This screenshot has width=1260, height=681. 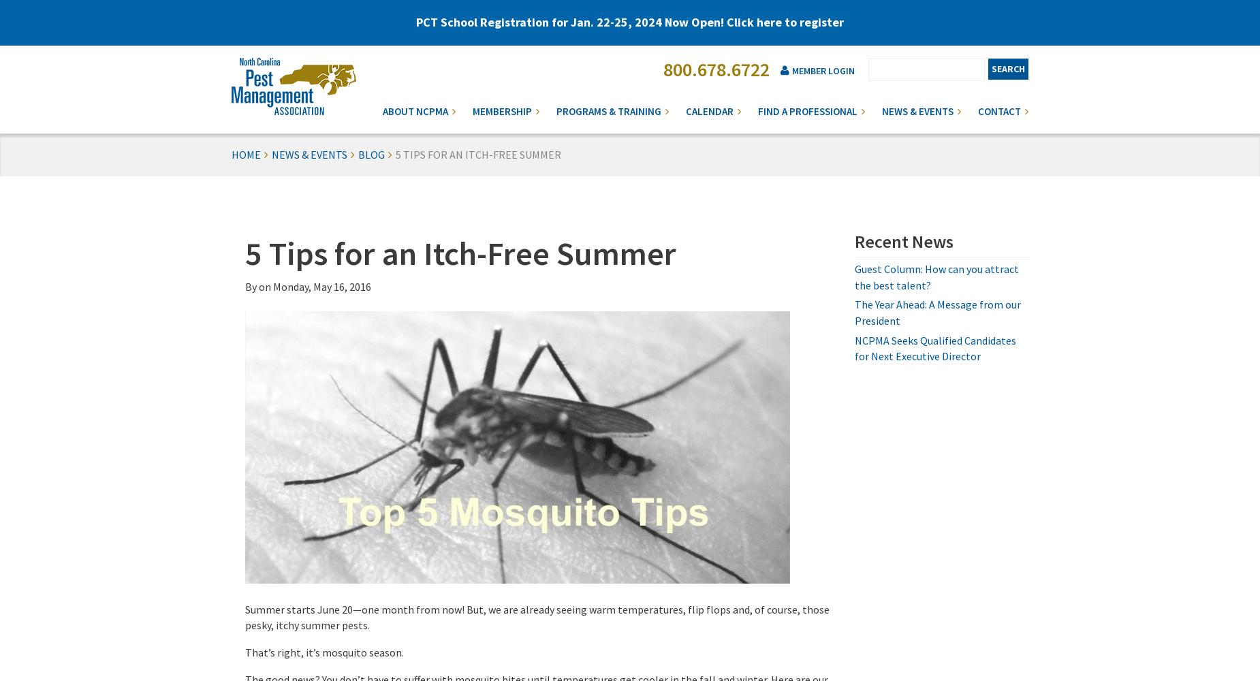 I want to click on 'Summer starts June 20—one month from now! But, we are already seeing warm temperatures, flip flops and, of course, those pesky, itchy summer pests.', so click(x=537, y=617).